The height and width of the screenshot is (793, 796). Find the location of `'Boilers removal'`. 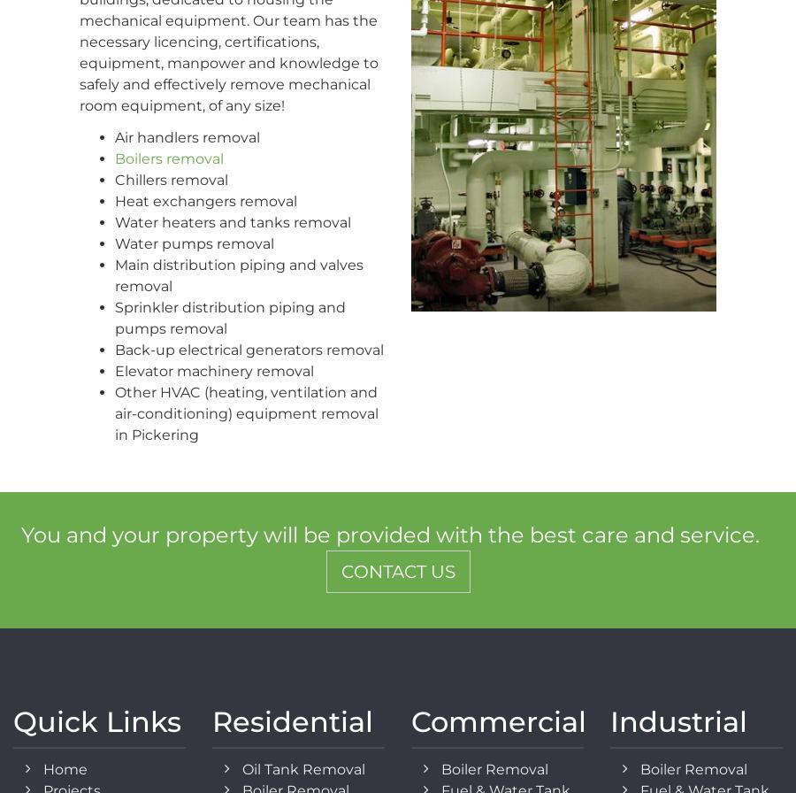

'Boilers removal' is located at coordinates (169, 158).